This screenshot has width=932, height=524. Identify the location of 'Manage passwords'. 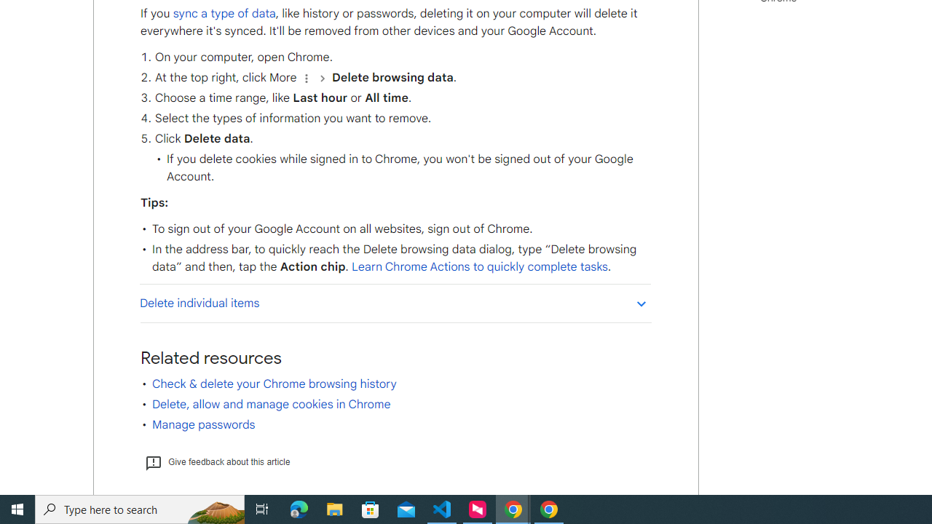
(202, 424).